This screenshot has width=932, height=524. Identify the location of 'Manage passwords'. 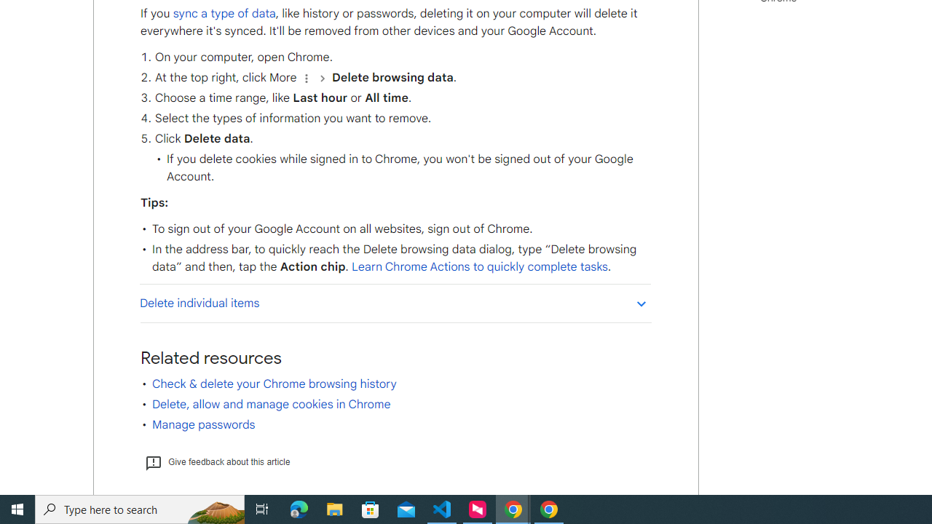
(202, 424).